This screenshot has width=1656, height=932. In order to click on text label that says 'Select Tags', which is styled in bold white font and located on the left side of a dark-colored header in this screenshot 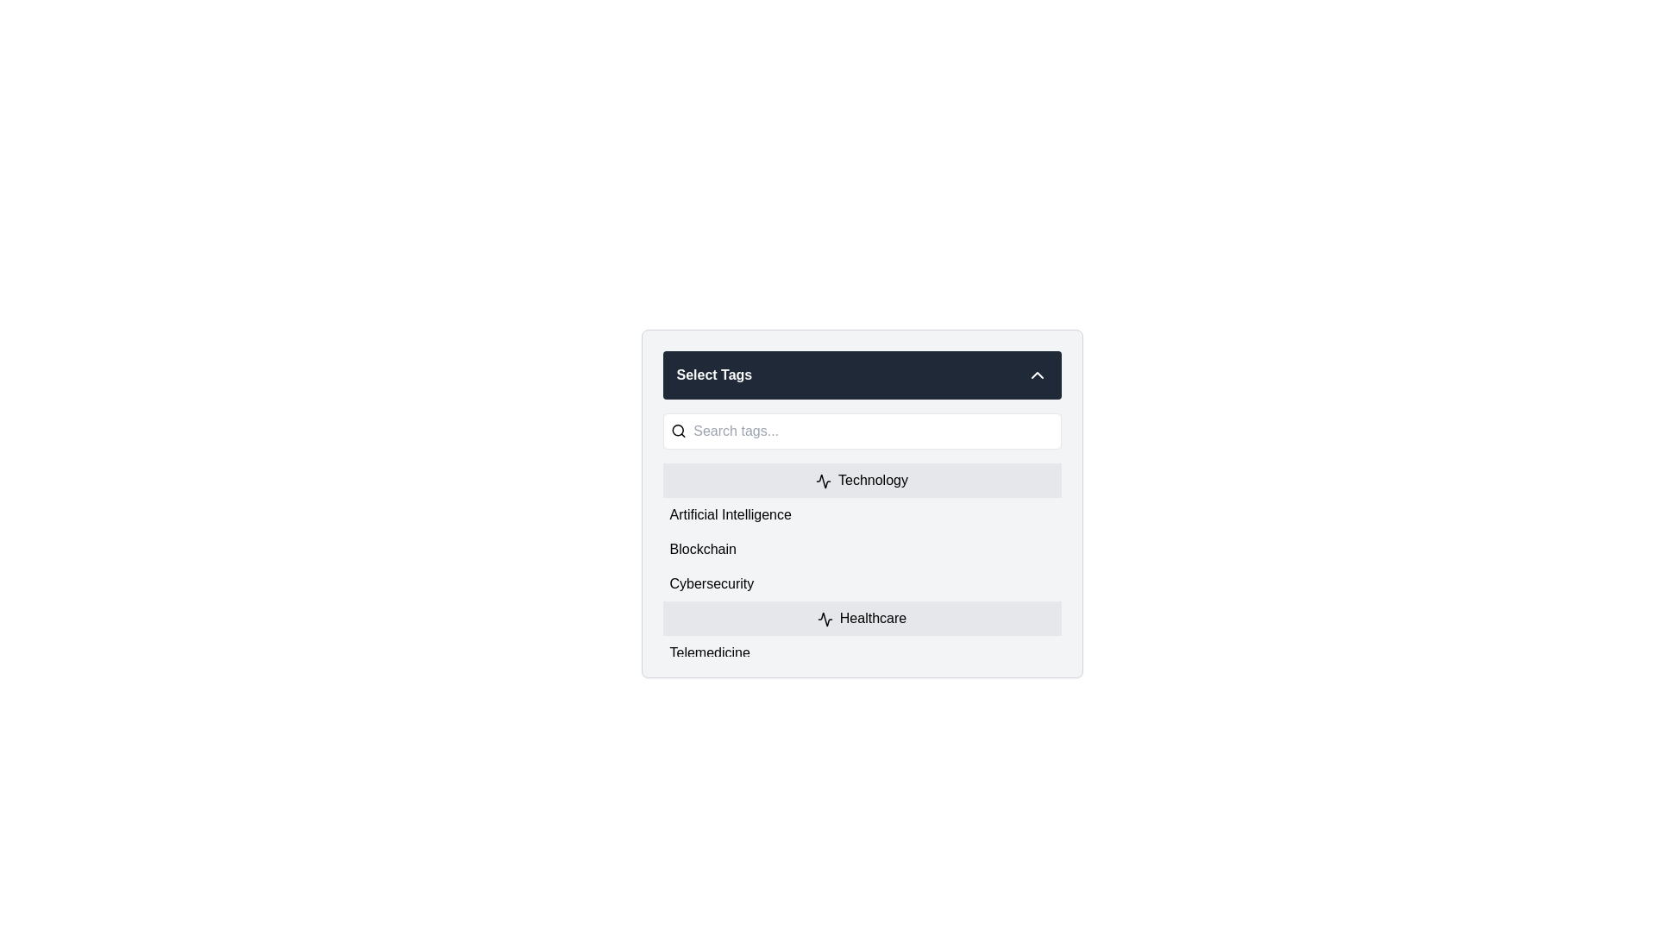, I will do `click(714, 375)`.